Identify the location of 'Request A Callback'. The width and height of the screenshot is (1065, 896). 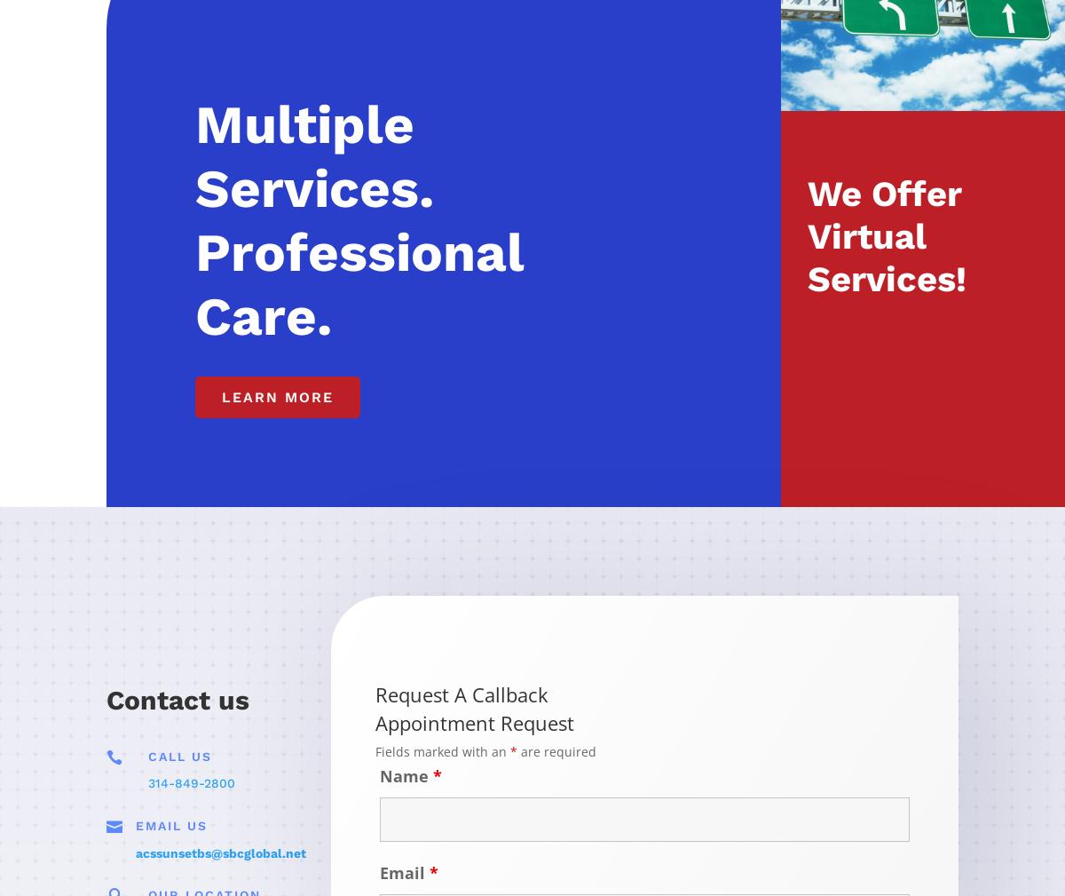
(461, 694).